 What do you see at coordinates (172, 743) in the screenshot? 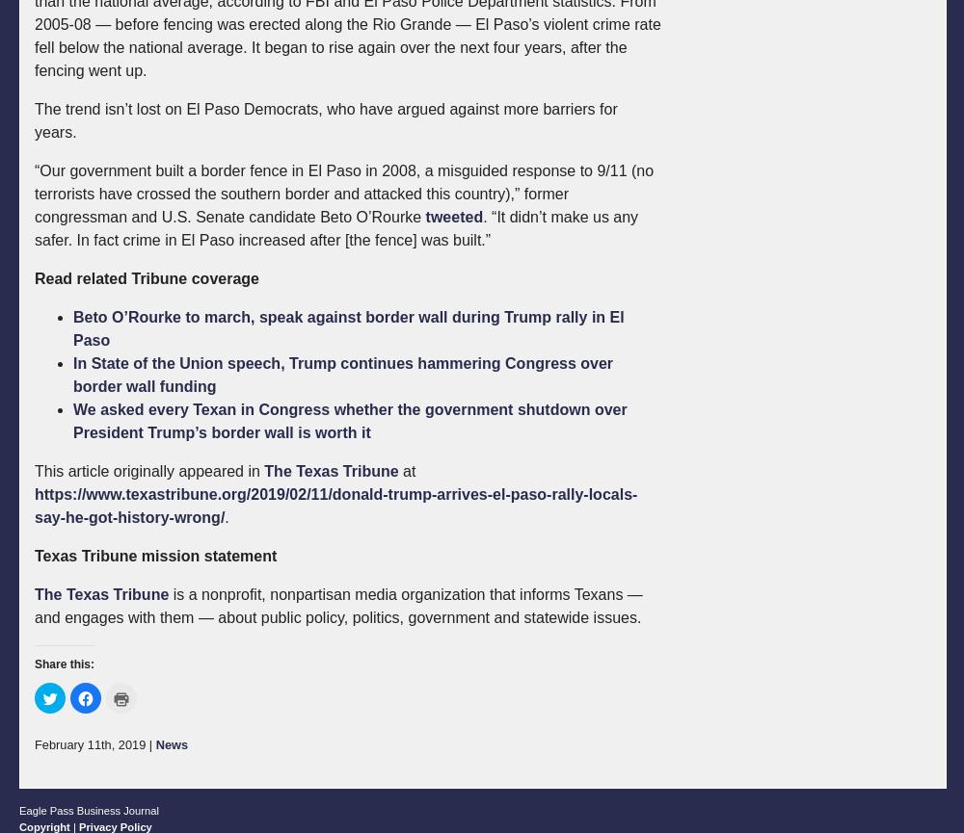
I see `'News'` at bounding box center [172, 743].